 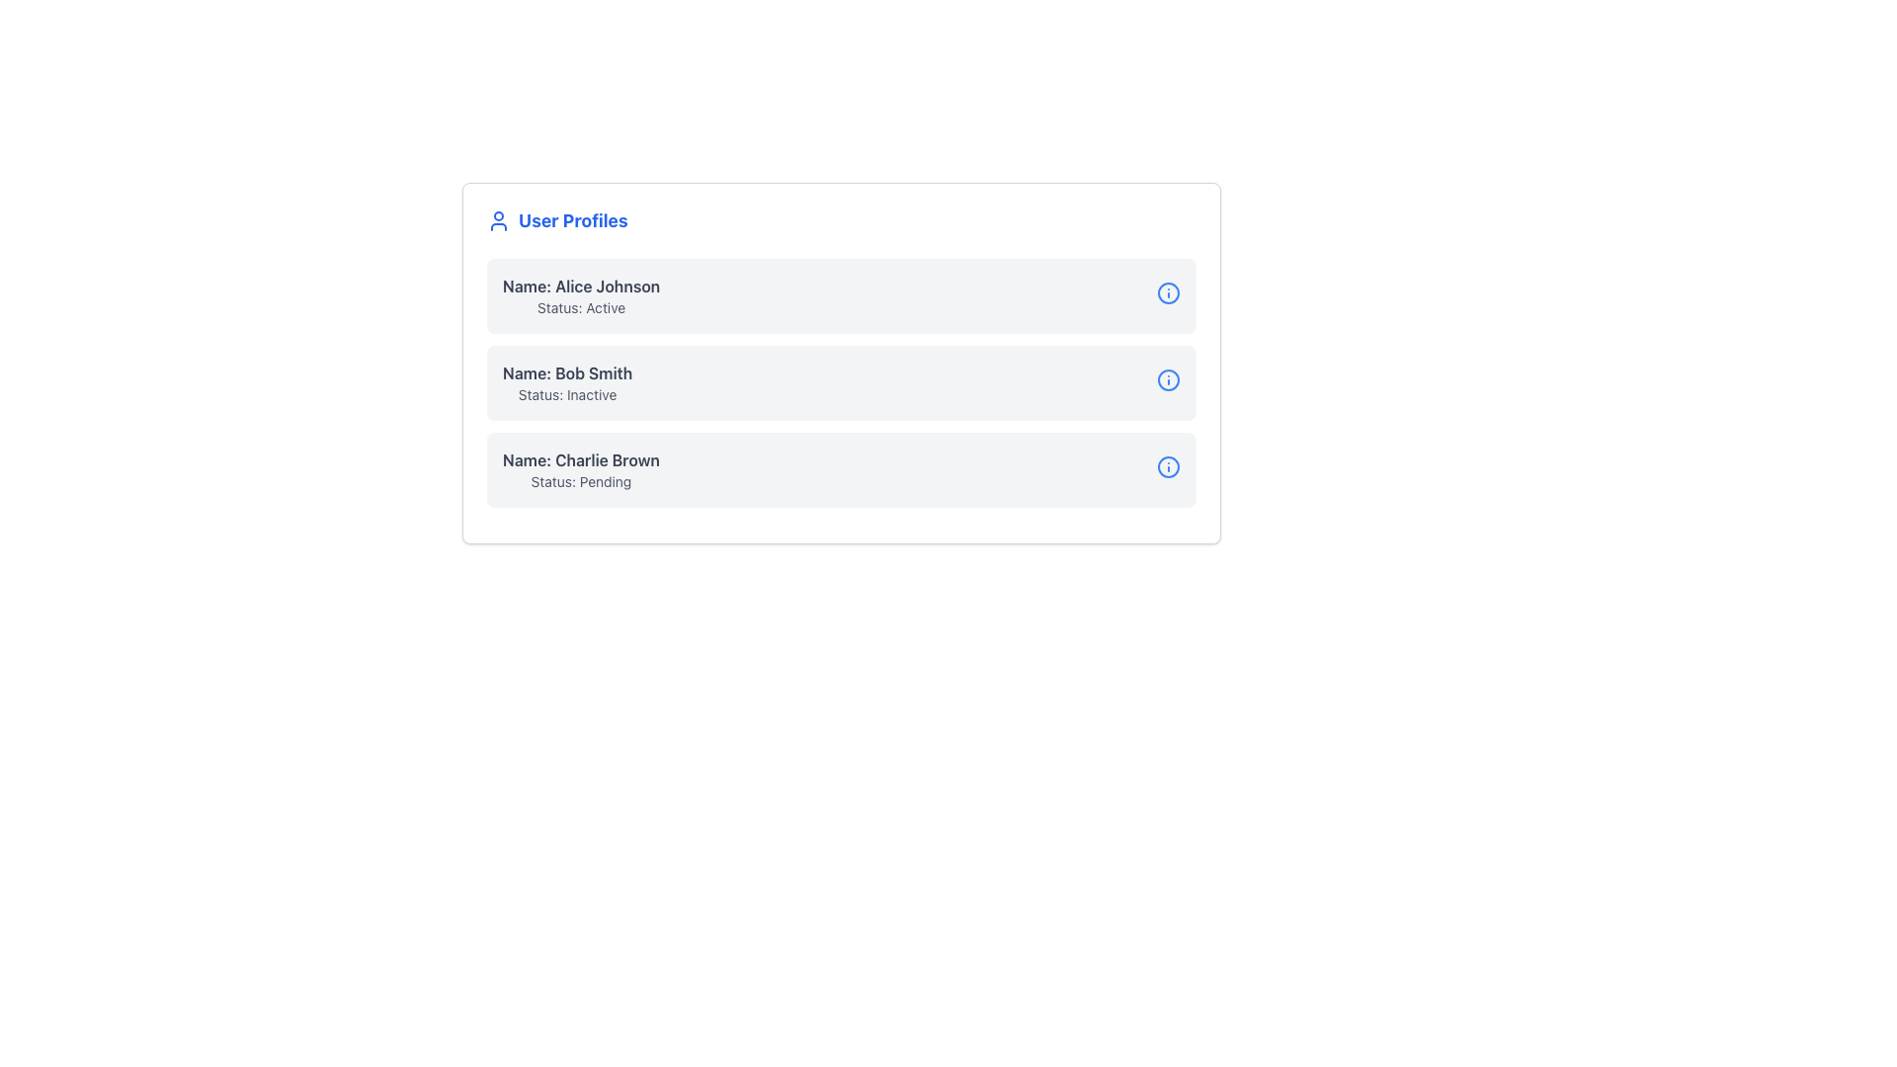 I want to click on the text label displaying 'Name: Charlie Brown' which is the first line of text in the third entry of the vertically stacked list within a white card in the 'User Profiles' panel, so click(x=580, y=460).